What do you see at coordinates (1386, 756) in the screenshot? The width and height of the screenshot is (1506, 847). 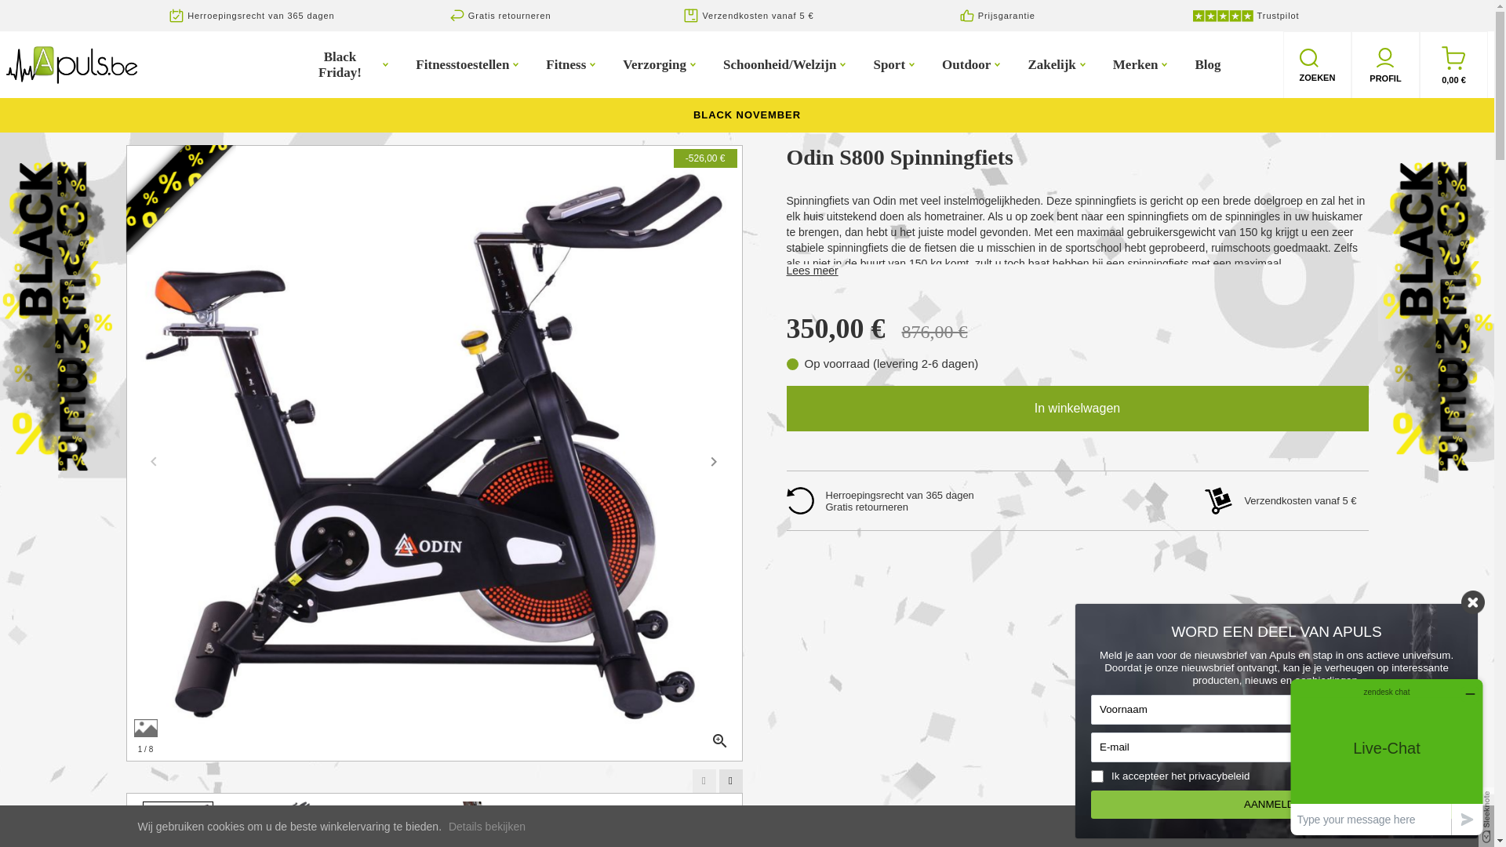 I see `'Opens a widget where you can chat to one of our agents'` at bounding box center [1386, 756].